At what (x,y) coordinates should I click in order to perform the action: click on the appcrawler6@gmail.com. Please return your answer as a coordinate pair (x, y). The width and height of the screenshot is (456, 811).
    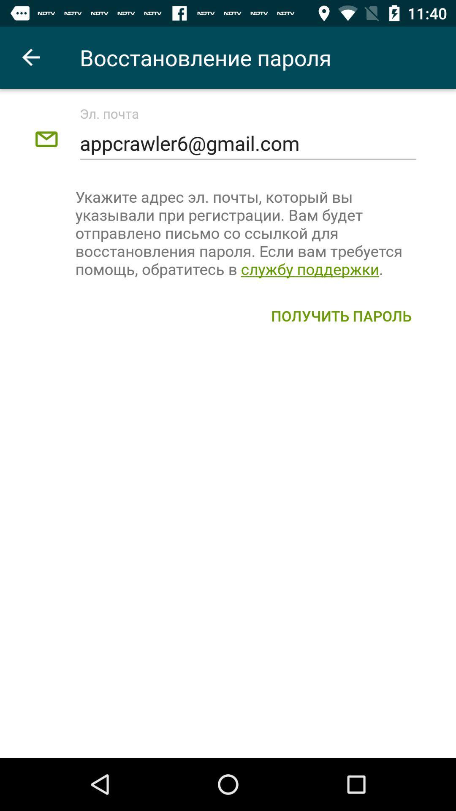
    Looking at the image, I should click on (247, 143).